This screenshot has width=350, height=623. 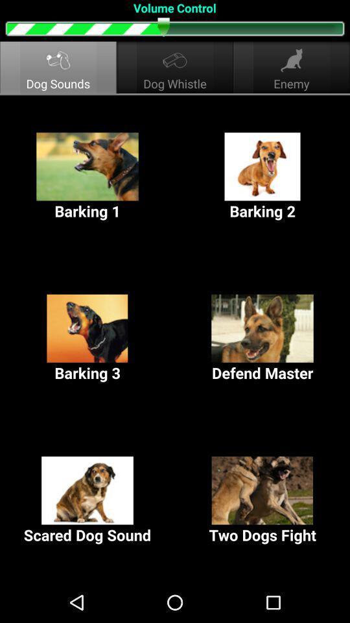 What do you see at coordinates (262, 176) in the screenshot?
I see `the barking 2 item` at bounding box center [262, 176].